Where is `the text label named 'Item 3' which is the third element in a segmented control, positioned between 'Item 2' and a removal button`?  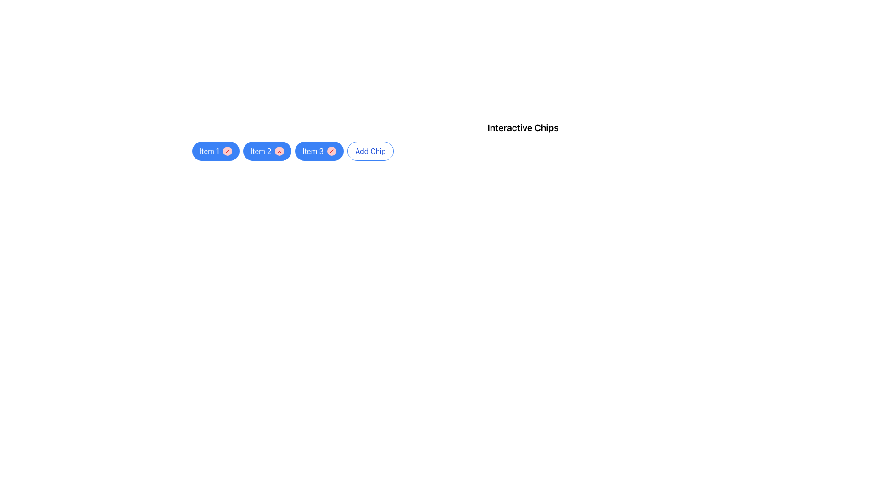 the text label named 'Item 3' which is the third element in a segmented control, positioned between 'Item 2' and a removal button is located at coordinates (313, 151).